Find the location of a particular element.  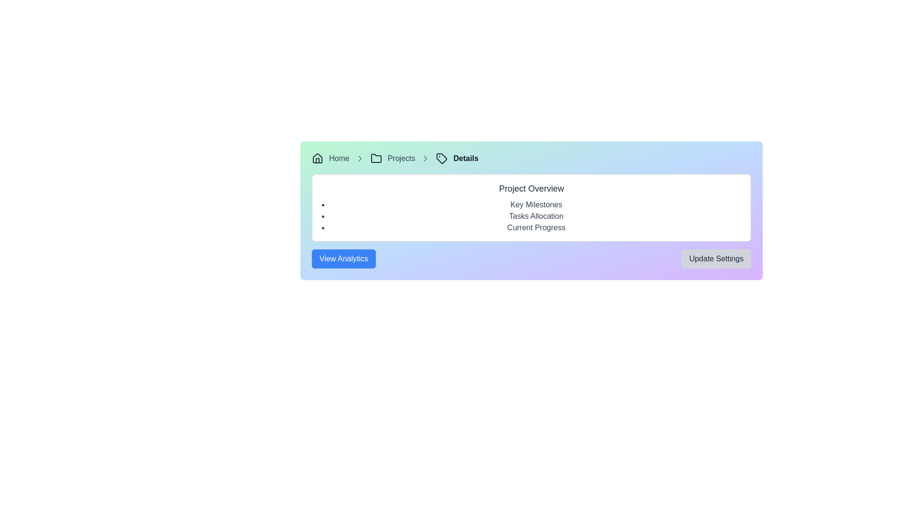

the folder icon in the navigation breadcrumb bar, located between the 'Home' icon and the 'Projects' text label, to indicate the current position within the application's hierarchy is located at coordinates (375, 158).